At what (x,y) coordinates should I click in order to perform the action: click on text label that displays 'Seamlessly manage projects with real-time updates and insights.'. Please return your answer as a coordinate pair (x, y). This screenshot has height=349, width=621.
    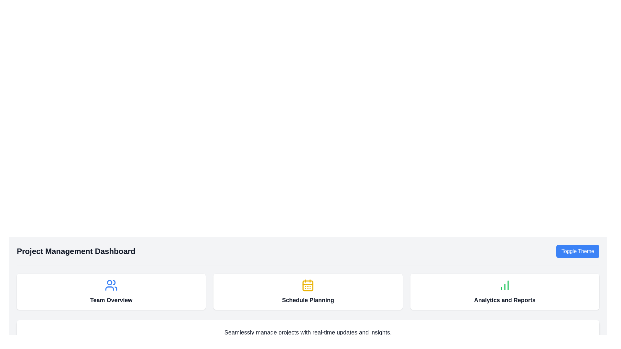
    Looking at the image, I should click on (308, 333).